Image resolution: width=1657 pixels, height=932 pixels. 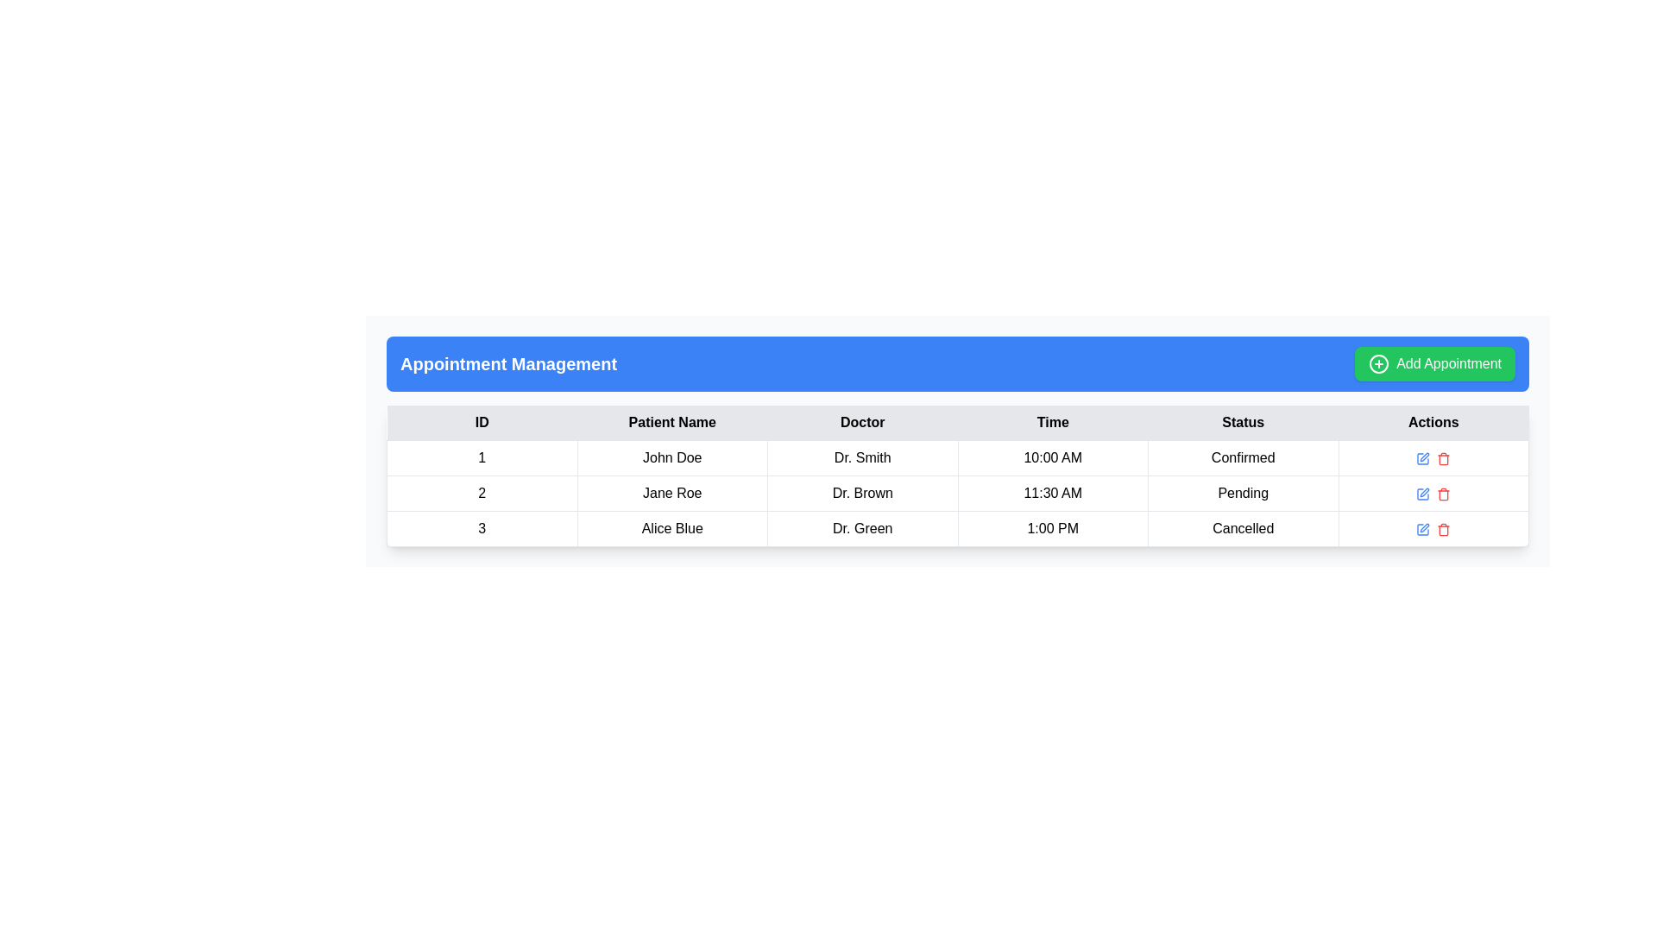 I want to click on the editable action icon button located in the 'Actions' section of the first row in the Appointment Management table to initiate editing, so click(x=1423, y=457).